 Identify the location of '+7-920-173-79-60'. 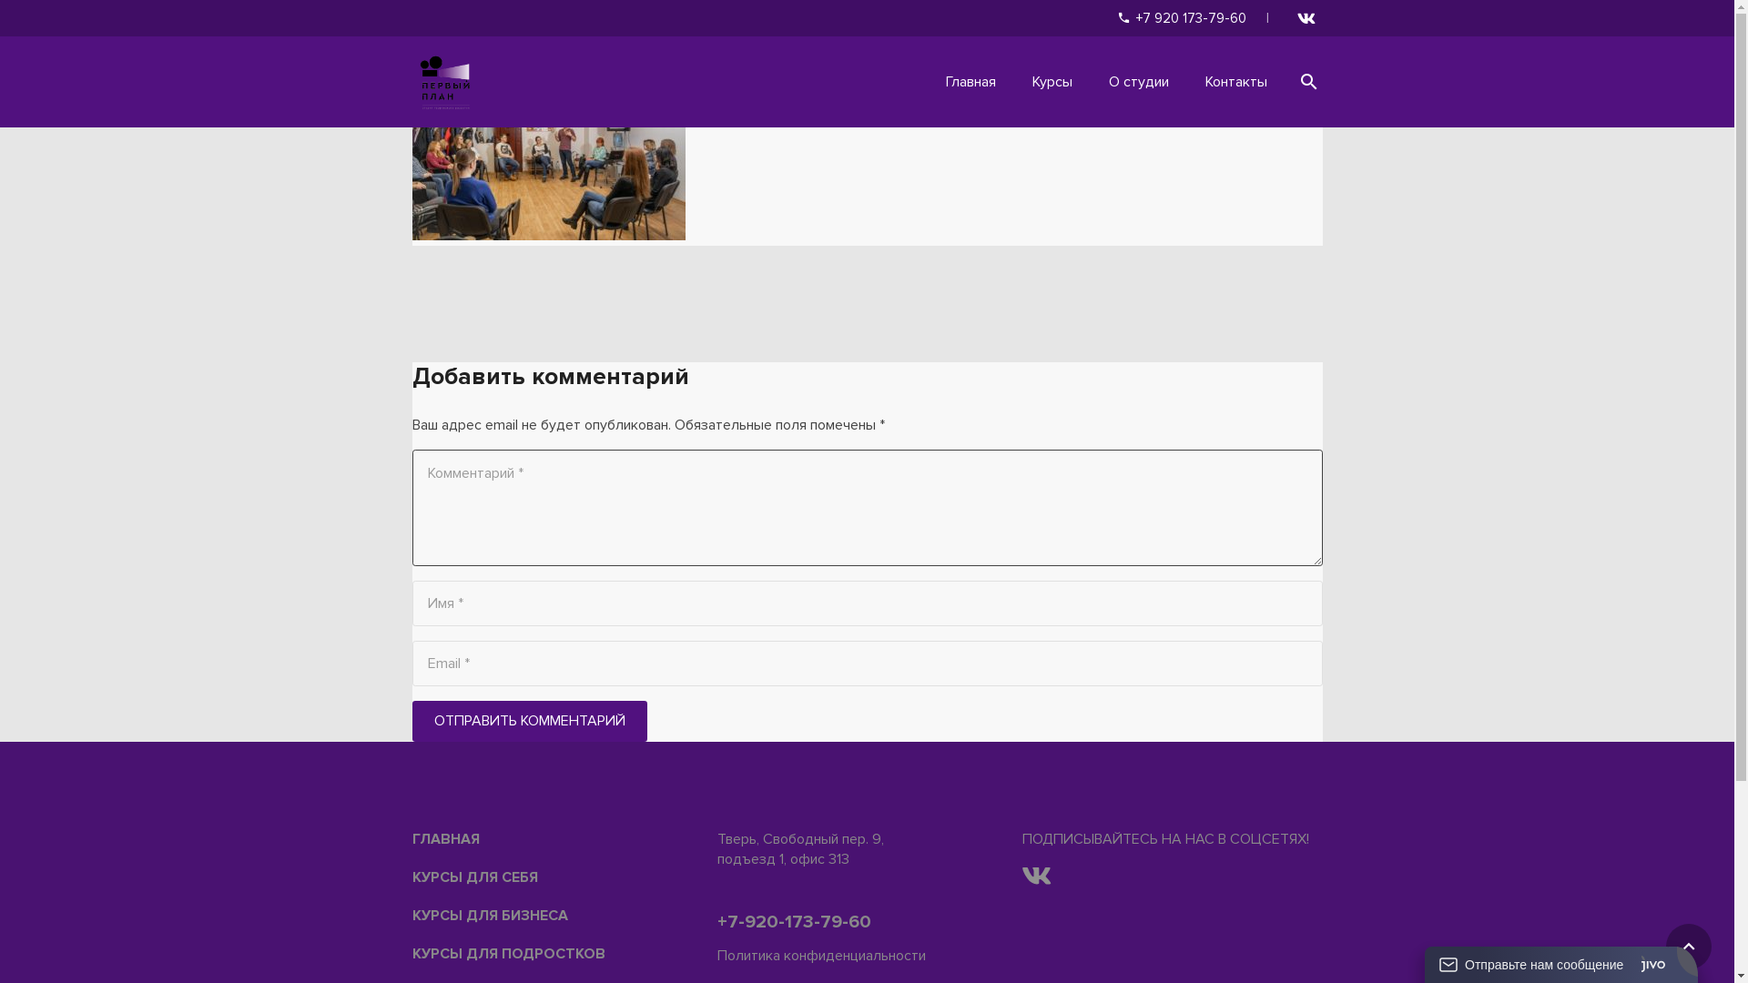
(794, 922).